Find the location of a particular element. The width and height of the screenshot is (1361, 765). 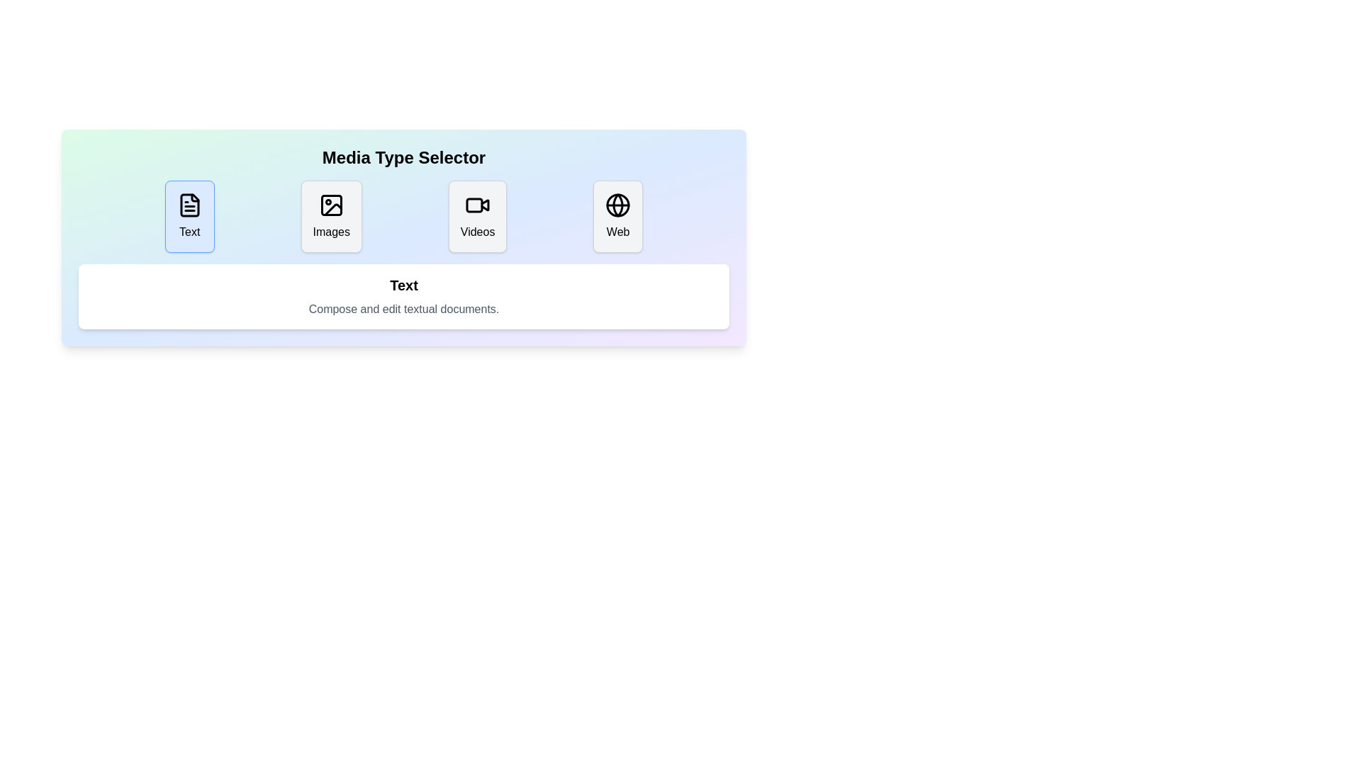

the decorative SVG Circle that represents the 'Web' icon, the fourth icon in the Media Type Selector, located to the right of 'Videos' is located at coordinates (618, 205).